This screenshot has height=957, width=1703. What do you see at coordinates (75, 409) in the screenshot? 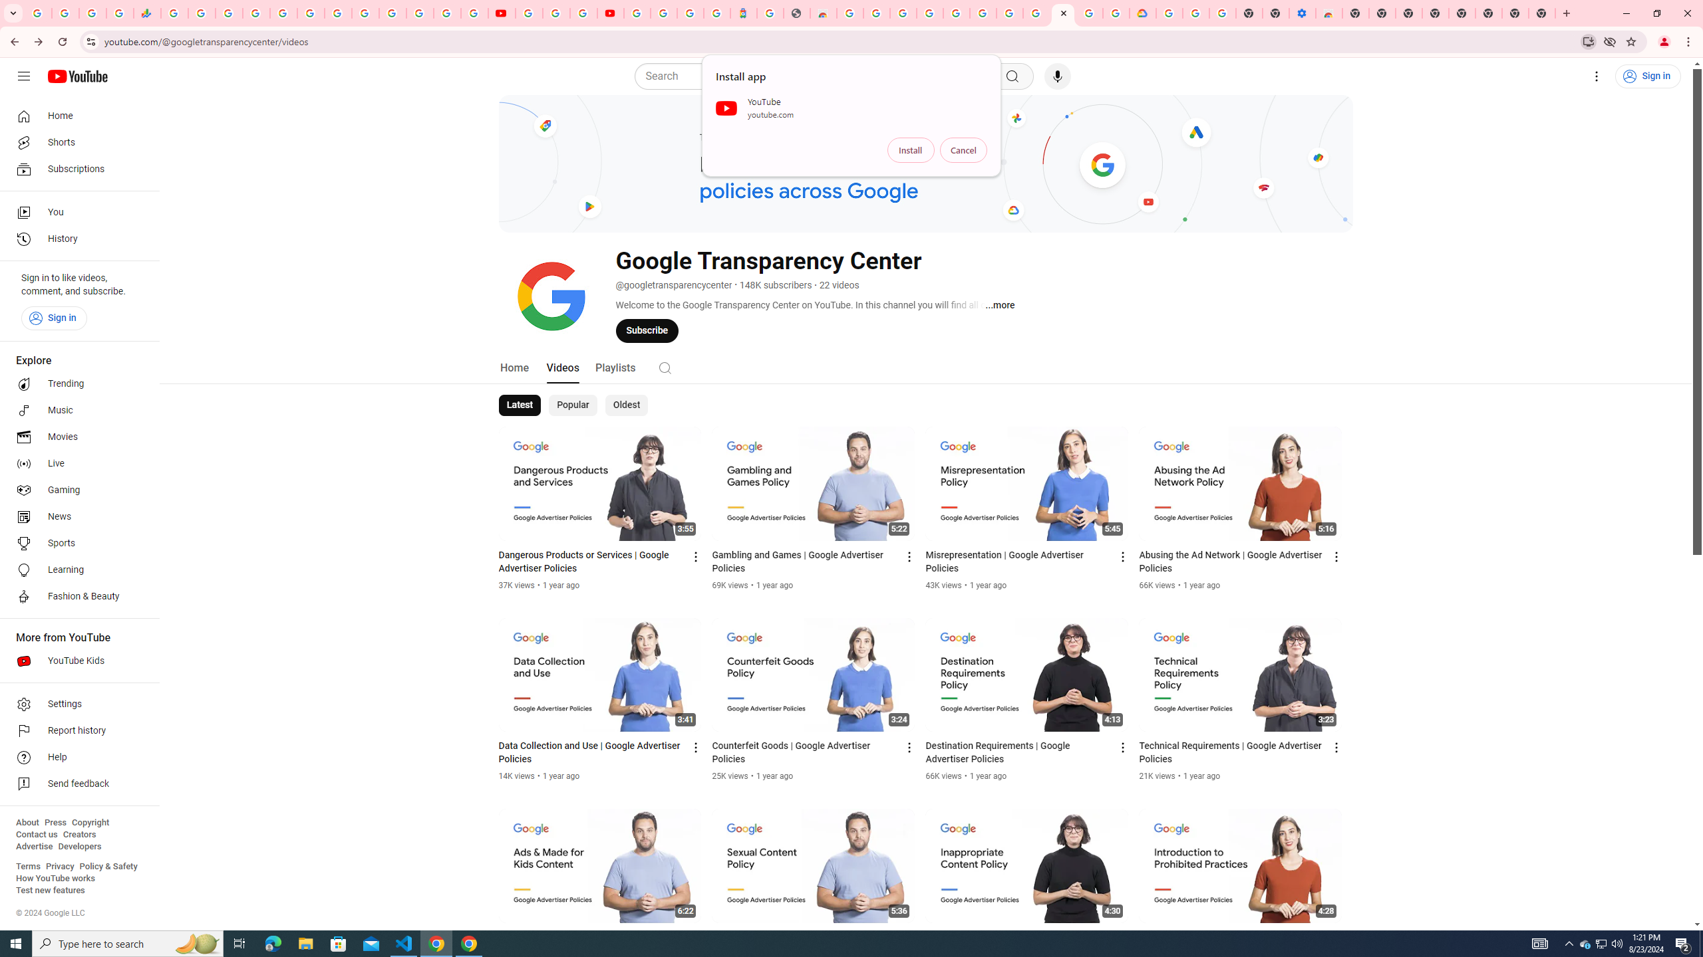
I see `'Music'` at bounding box center [75, 409].